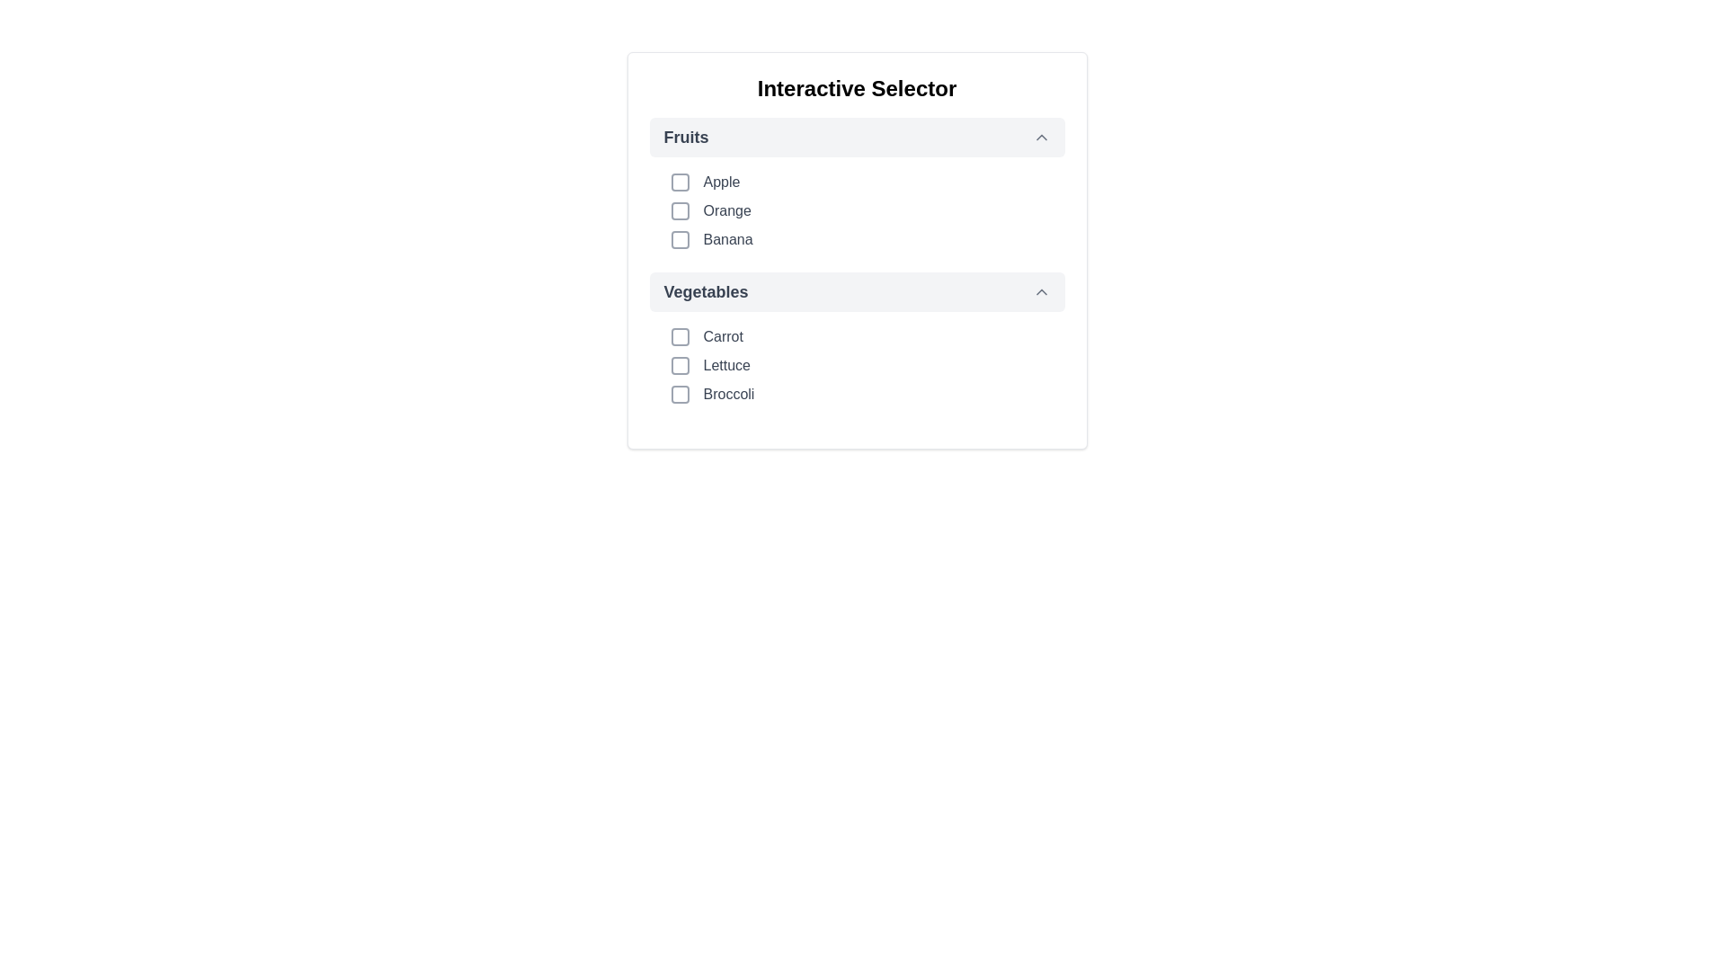 The image size is (1726, 971). I want to click on the checkbox in the 'Fruits' group, so click(856, 210).